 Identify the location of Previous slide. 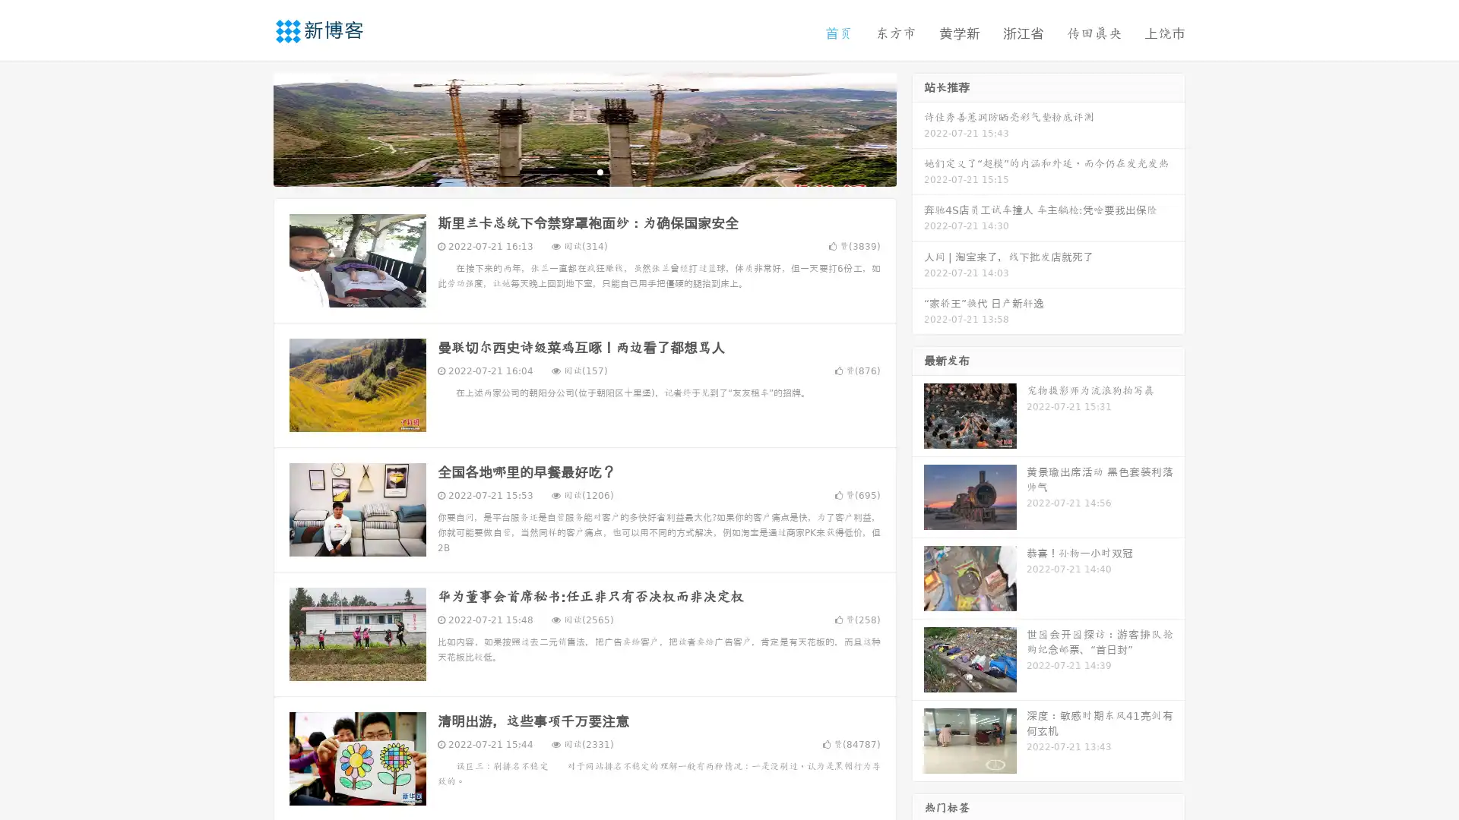
(251, 128).